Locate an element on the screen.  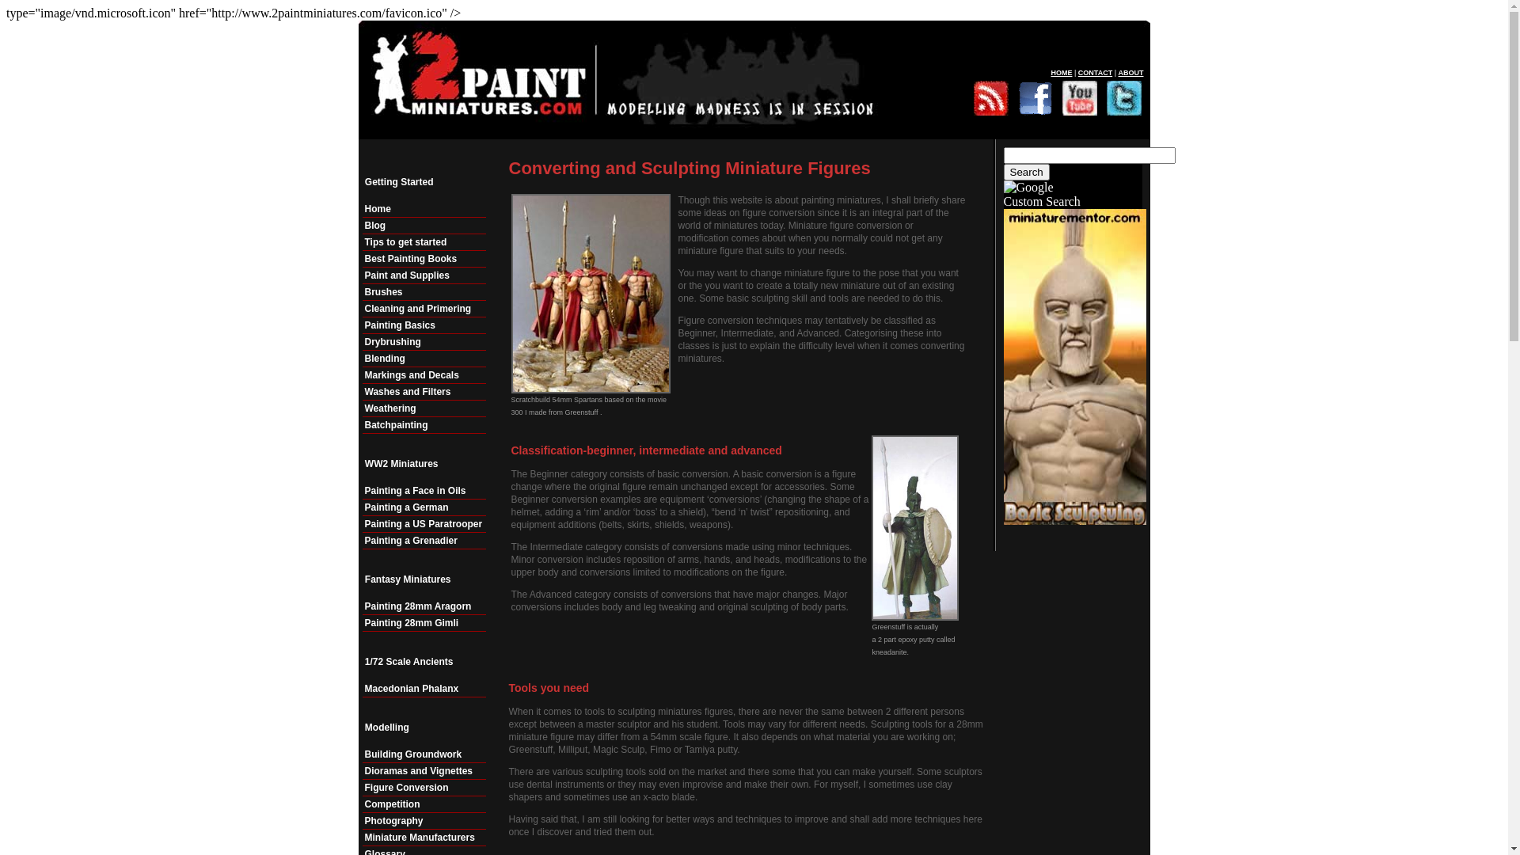
'Washes and Filters' is located at coordinates (361, 392).